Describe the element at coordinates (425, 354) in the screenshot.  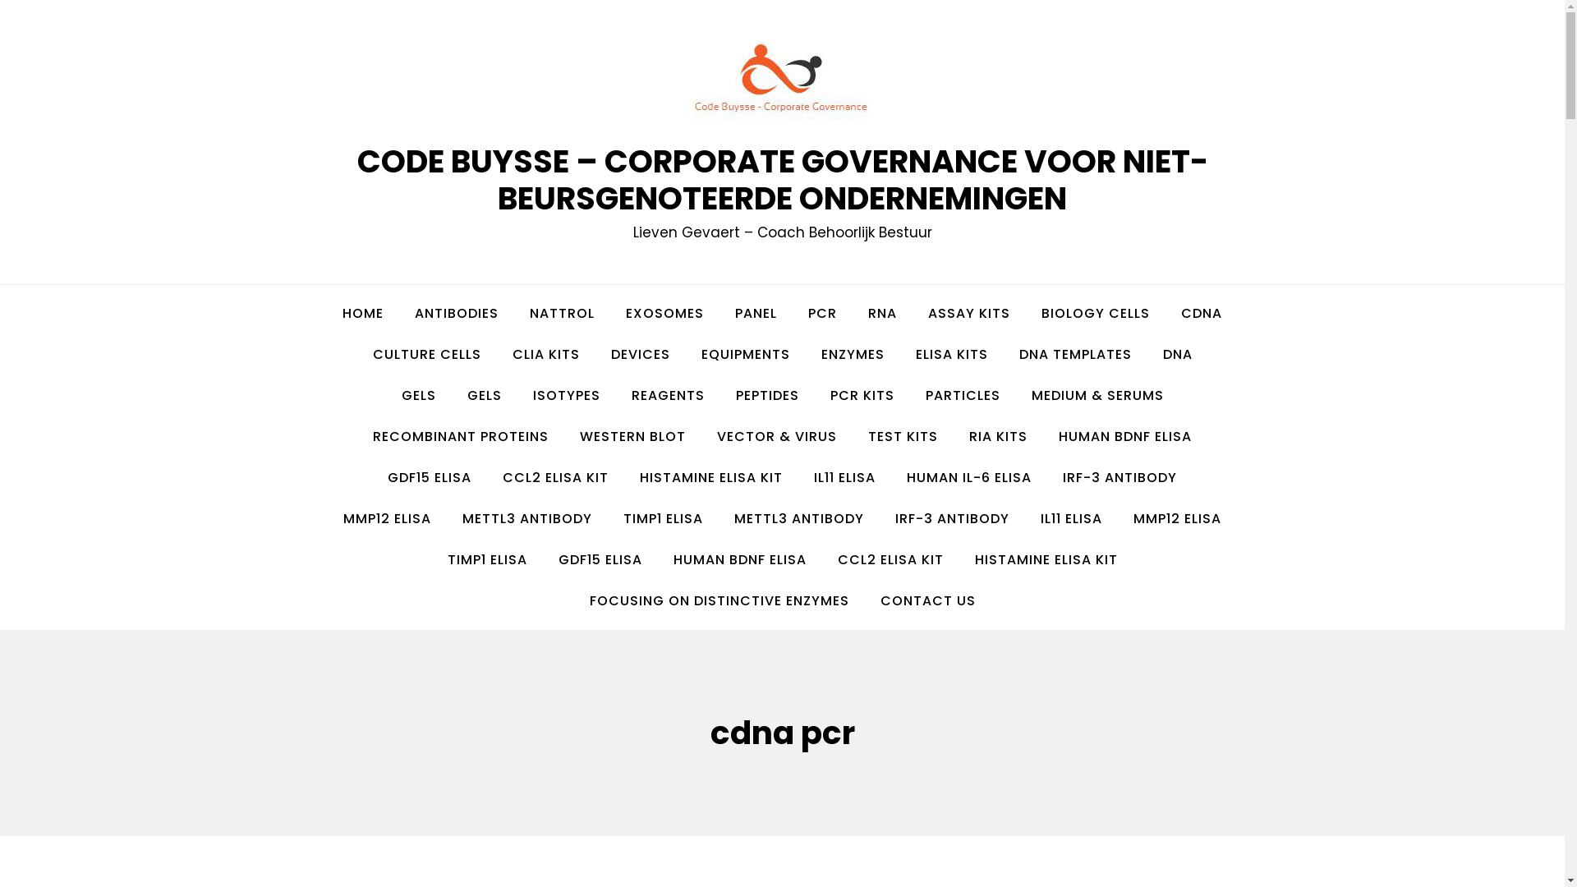
I see `'CULTURE CELLS'` at that location.